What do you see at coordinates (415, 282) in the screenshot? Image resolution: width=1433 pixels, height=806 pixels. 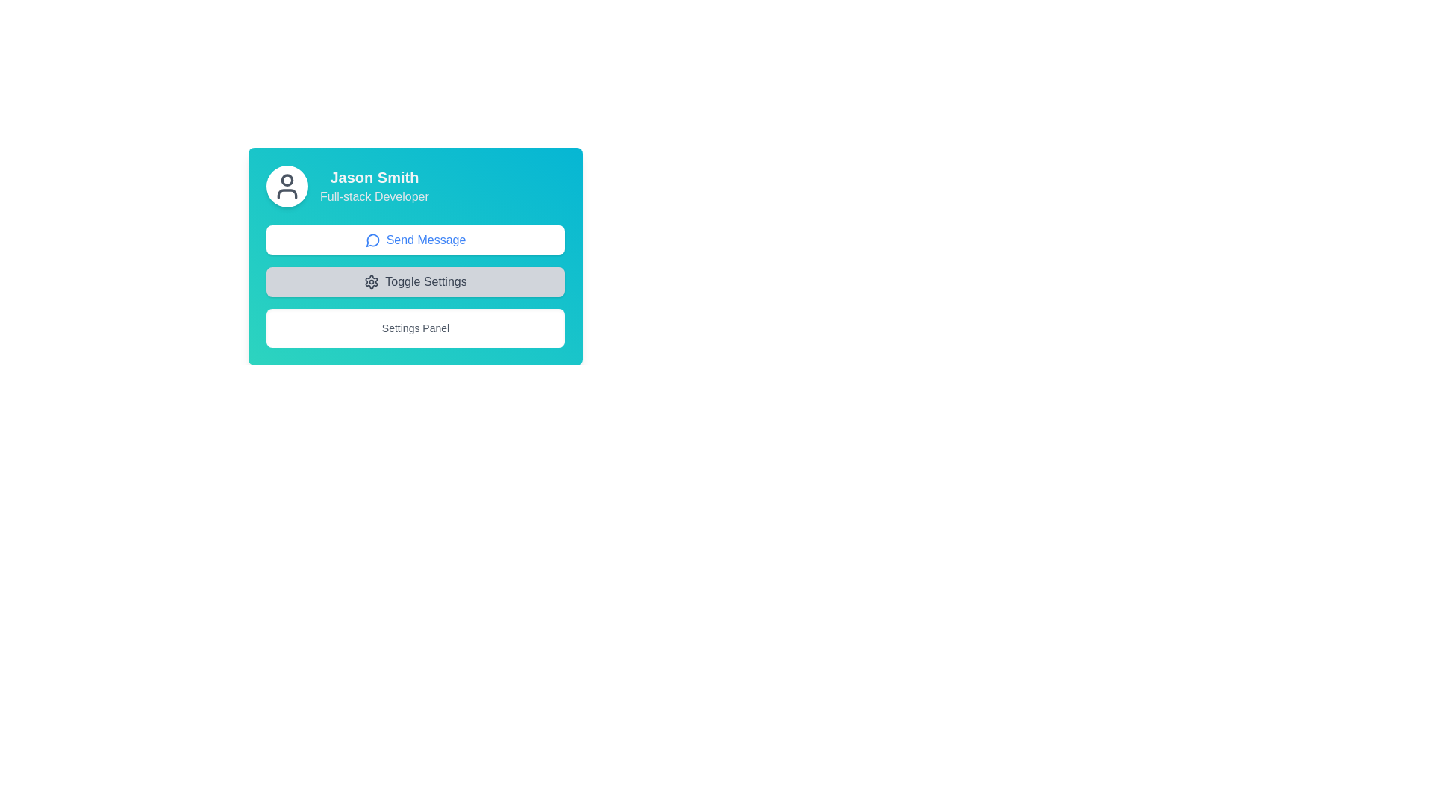 I see `the 'Toggle Settings' button, which is a rectangular button with a gear icon and dark gray text, located below the 'Send Message' button` at bounding box center [415, 282].